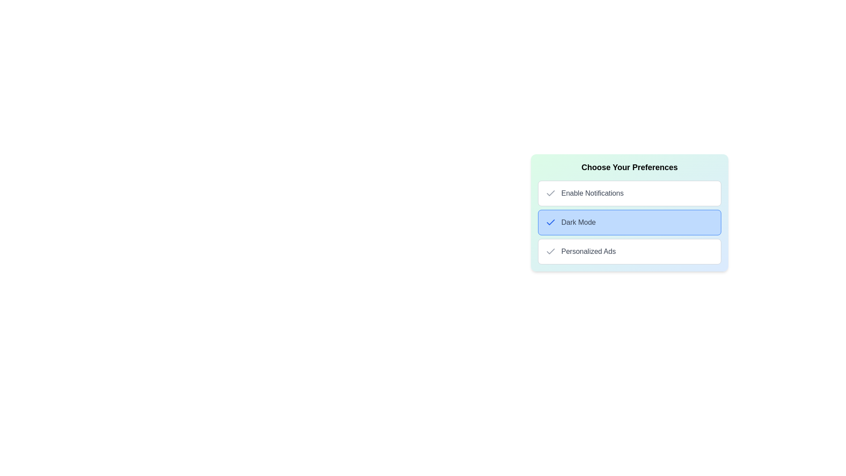 The width and height of the screenshot is (846, 476). What do you see at coordinates (629, 251) in the screenshot?
I see `the third checkbox option` at bounding box center [629, 251].